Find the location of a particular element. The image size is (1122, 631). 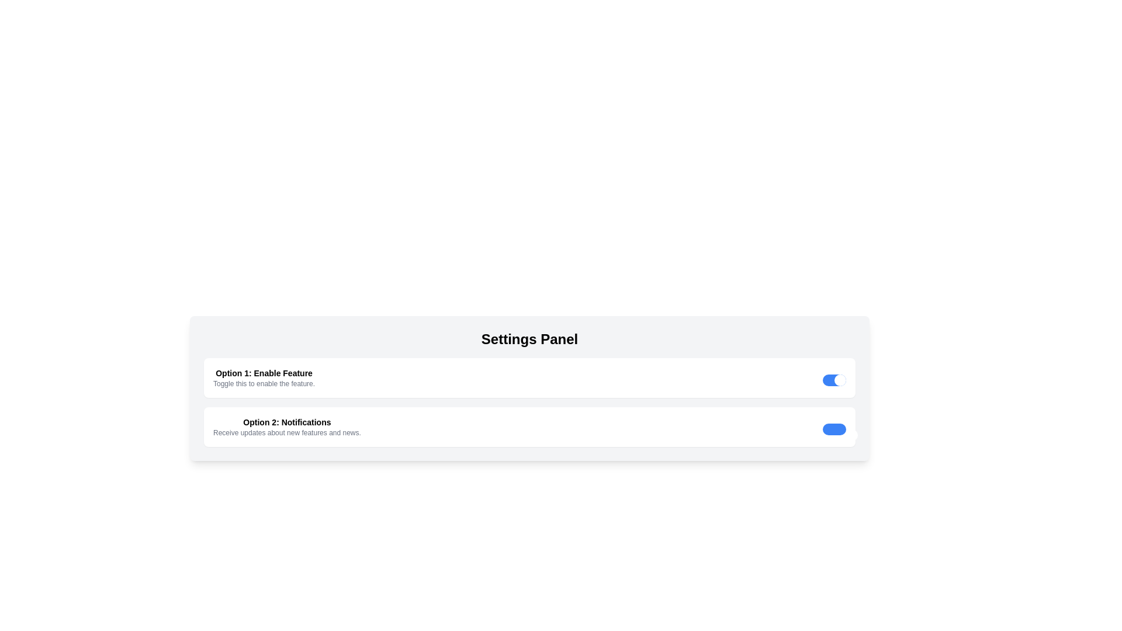

the text label displaying 'Option 1: Enable Feature', which is styled in bold and positioned at the upper-left area of its section is located at coordinates (263, 373).